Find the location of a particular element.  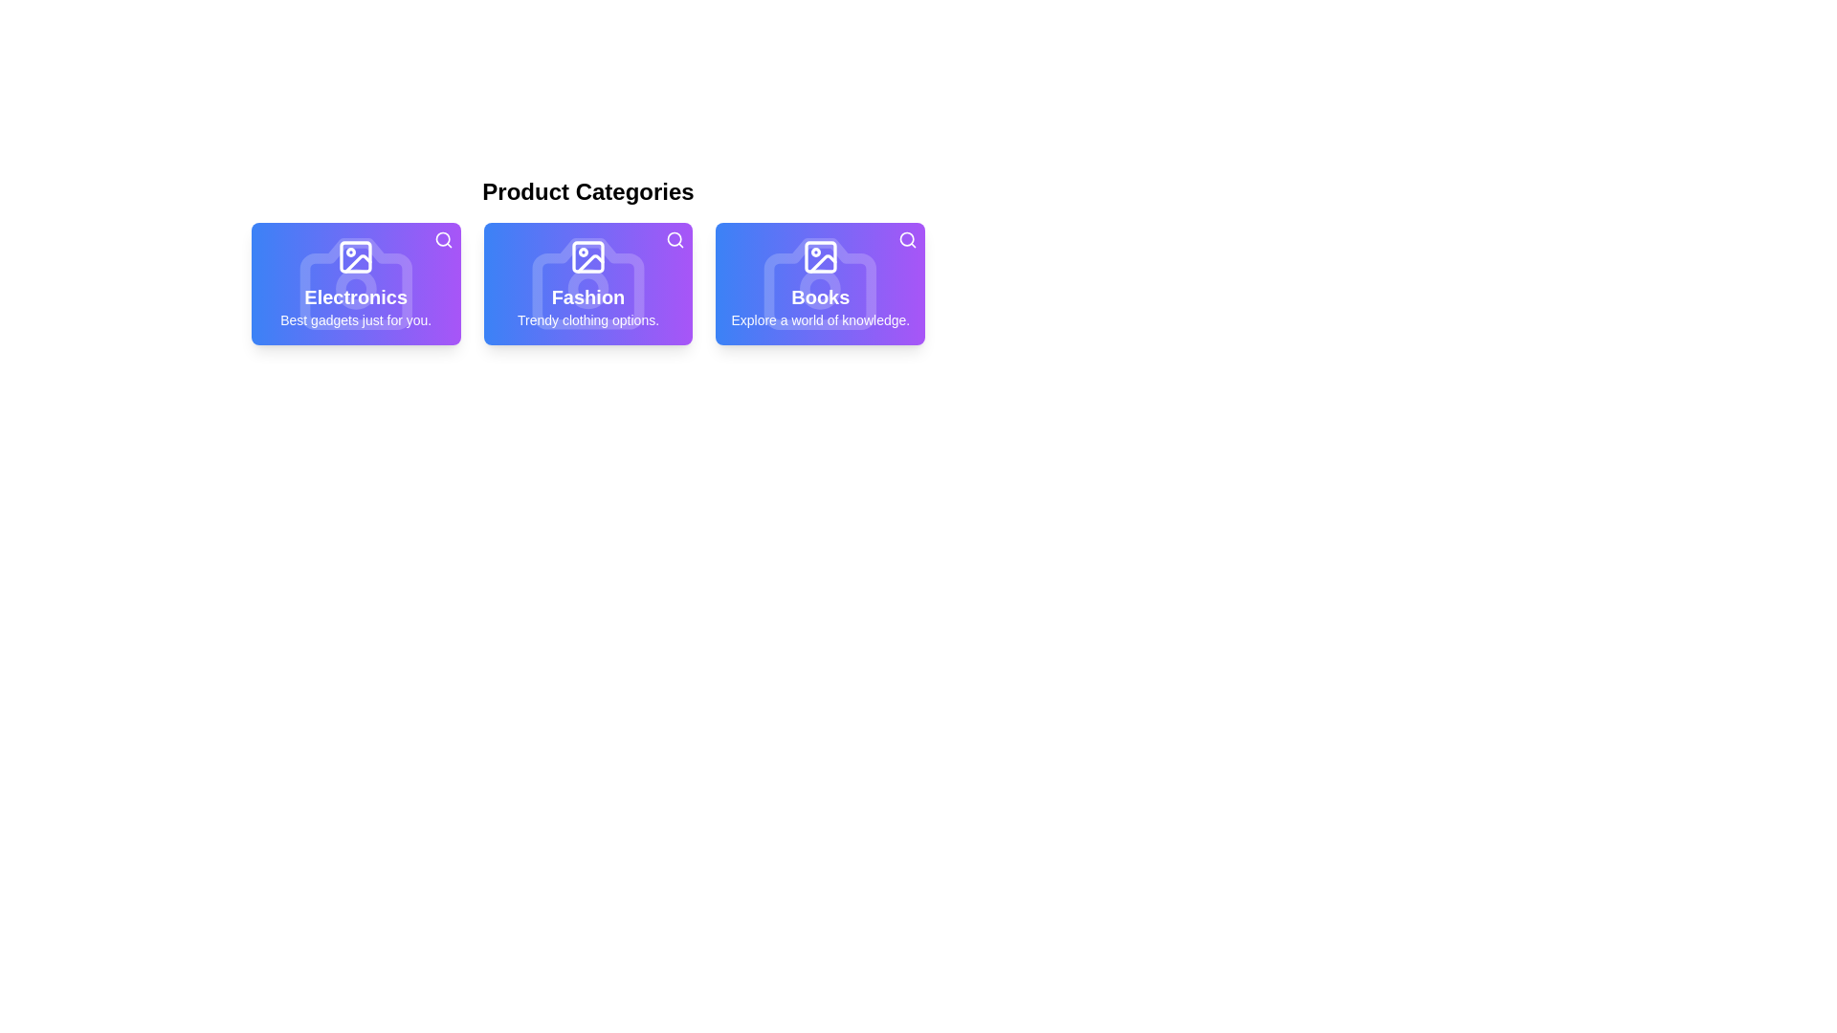

the static text element displaying 'Electronics', which is styled in white bold font on a gradient background and is located below 'Product Categories' and above 'Best gadgets just for you' is located at coordinates (356, 297).